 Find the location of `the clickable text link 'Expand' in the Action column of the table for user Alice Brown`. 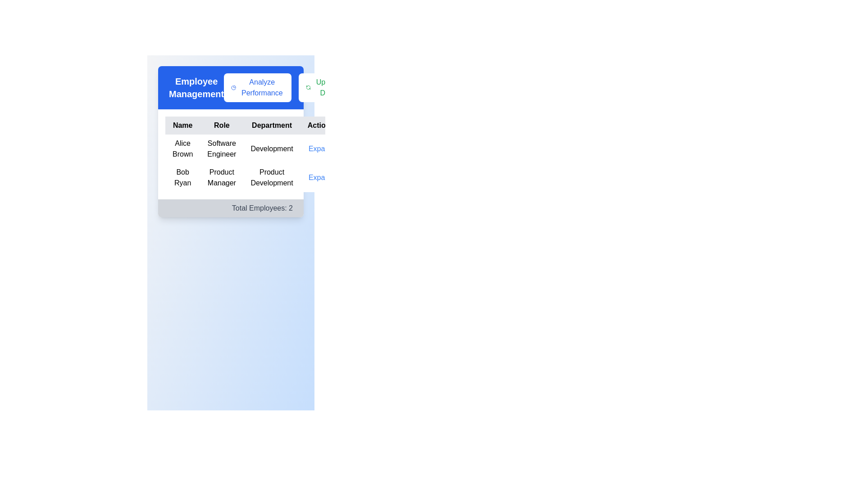

the clickable text link 'Expand' in the Action column of the table for user Alice Brown is located at coordinates (320, 148).